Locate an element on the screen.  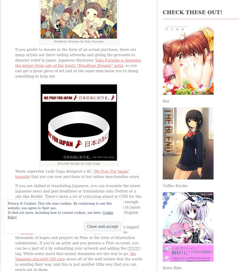
'If you prefer to donate in the form of an actual purchase, there are many artists out there selling artworks and giving the proceeds to disaster relief in Japan. Japanese illustrator' is located at coordinates (75, 54).